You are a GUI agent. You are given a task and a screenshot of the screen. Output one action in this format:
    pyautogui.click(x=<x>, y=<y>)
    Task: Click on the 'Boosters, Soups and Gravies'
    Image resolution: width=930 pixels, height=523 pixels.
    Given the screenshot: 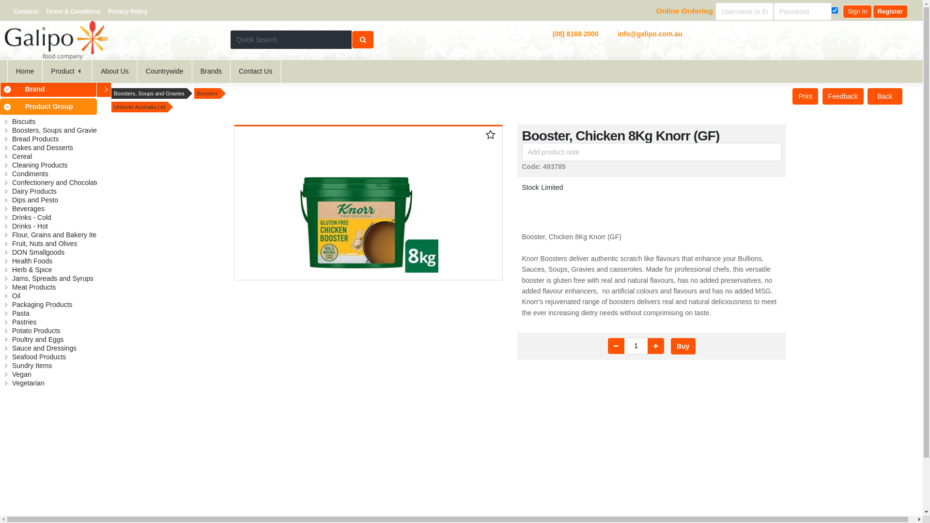 What is the action you would take?
    pyautogui.click(x=148, y=93)
    